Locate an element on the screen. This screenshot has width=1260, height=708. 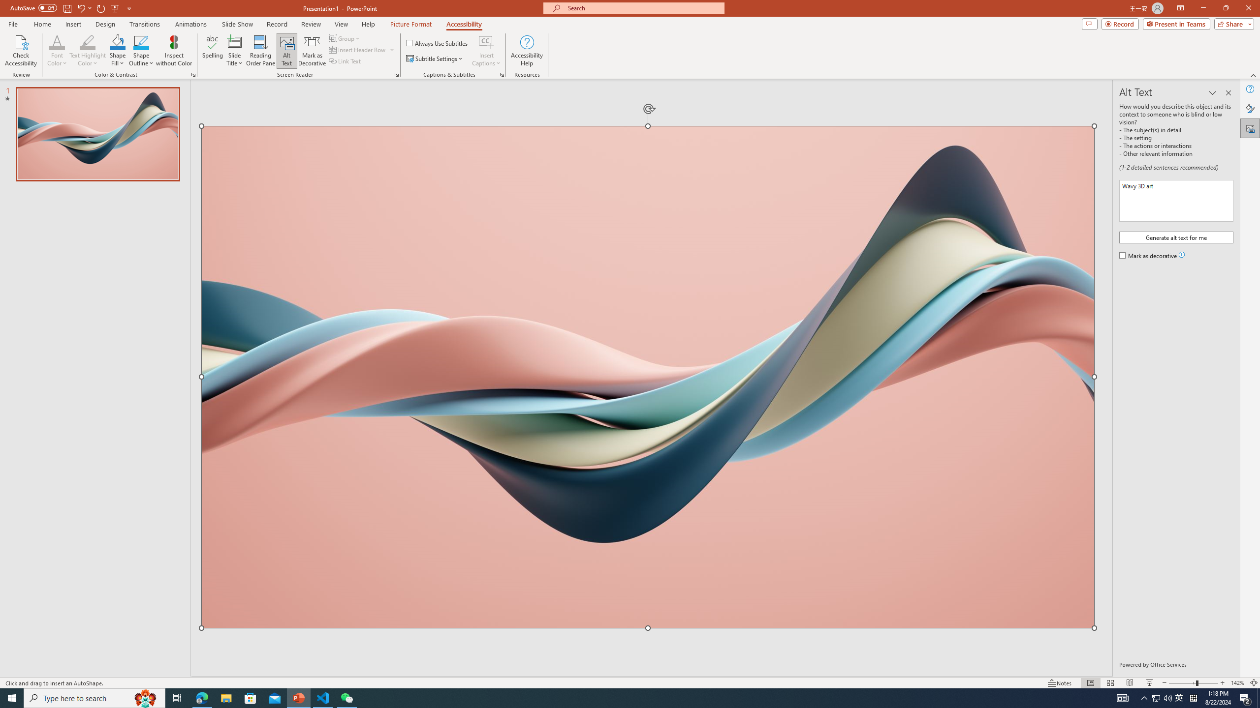
'Accessibility Help' is located at coordinates (527, 51).